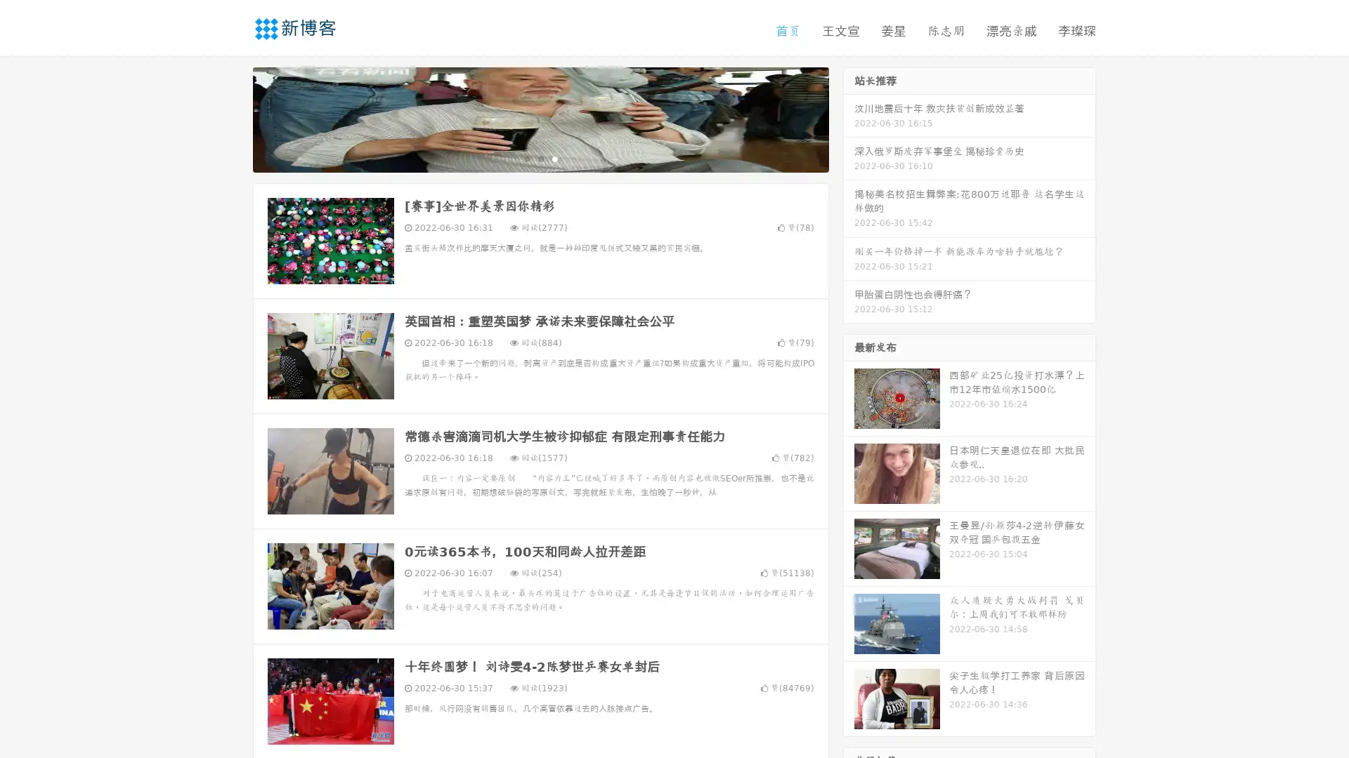 Image resolution: width=1349 pixels, height=758 pixels. What do you see at coordinates (526, 158) in the screenshot?
I see `Go to slide 1` at bounding box center [526, 158].